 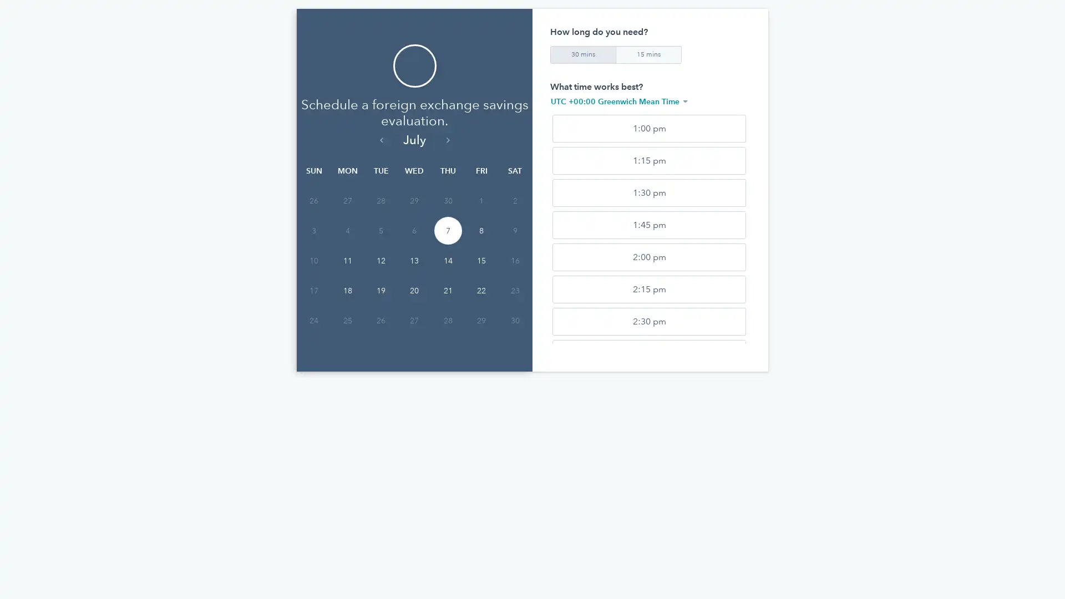 What do you see at coordinates (381, 201) in the screenshot?
I see `June 28th` at bounding box center [381, 201].